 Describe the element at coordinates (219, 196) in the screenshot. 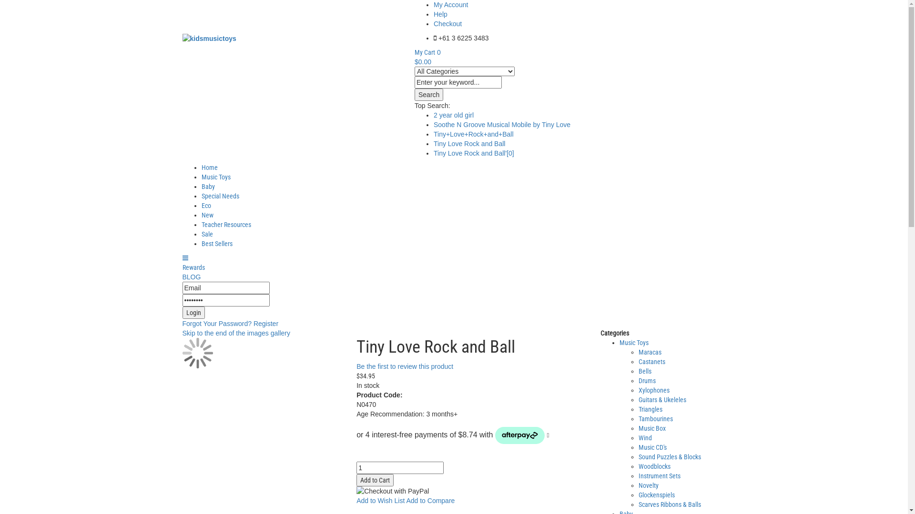

I see `'Special Needs'` at that location.